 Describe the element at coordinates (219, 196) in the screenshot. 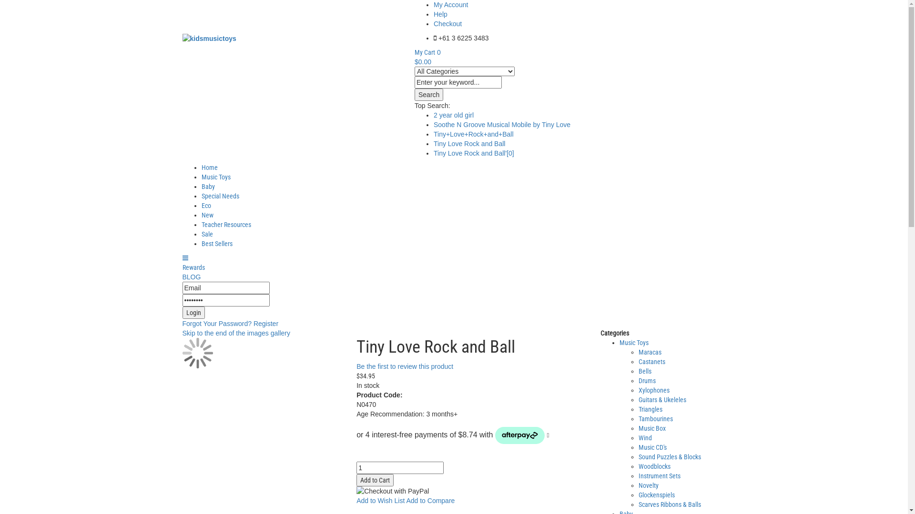

I see `'Special Needs'` at that location.